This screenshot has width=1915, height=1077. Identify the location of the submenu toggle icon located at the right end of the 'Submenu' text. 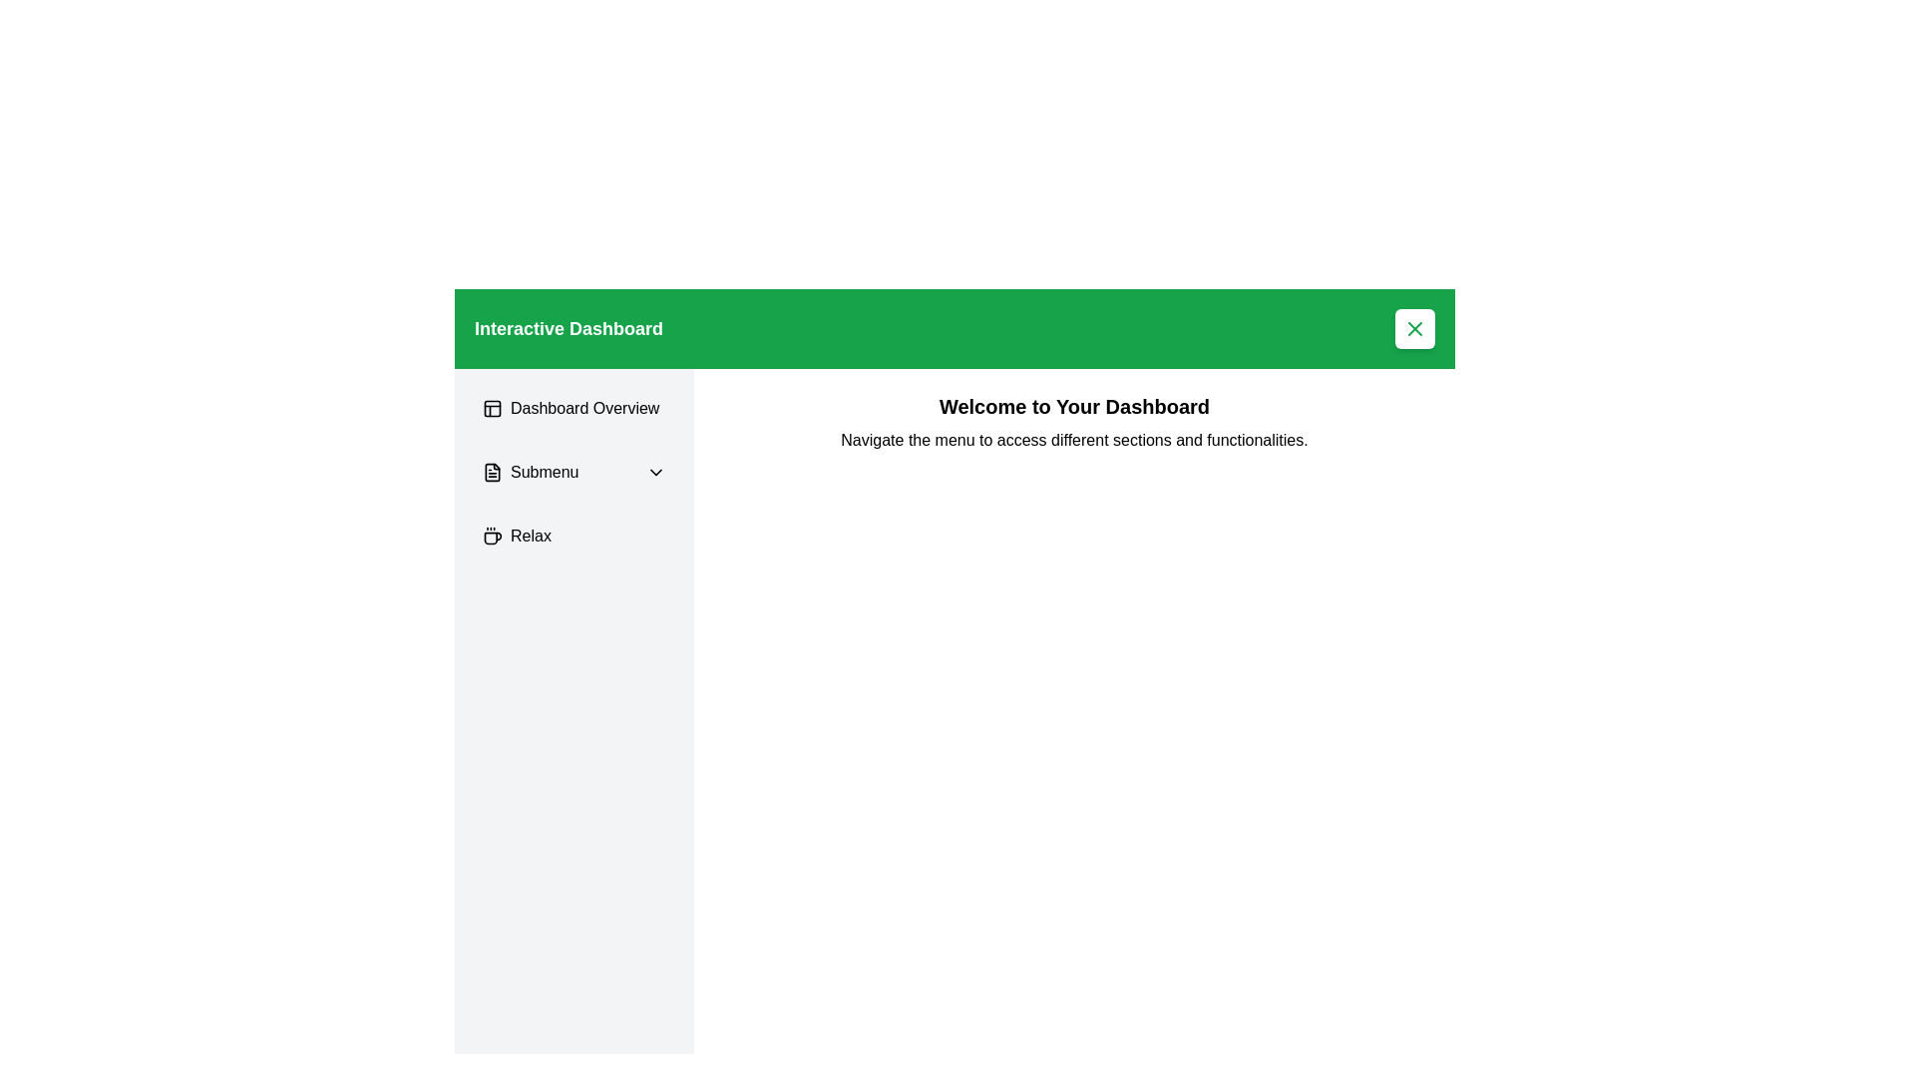
(655, 473).